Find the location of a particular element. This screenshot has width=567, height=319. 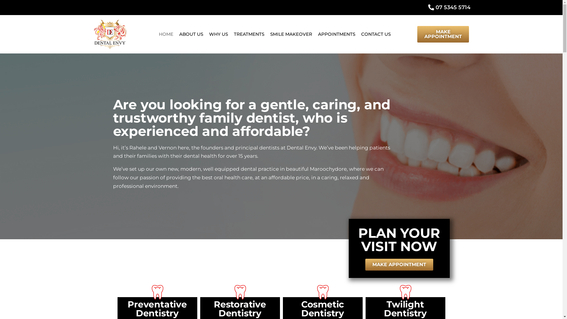

'ABOUT US' is located at coordinates (191, 34).